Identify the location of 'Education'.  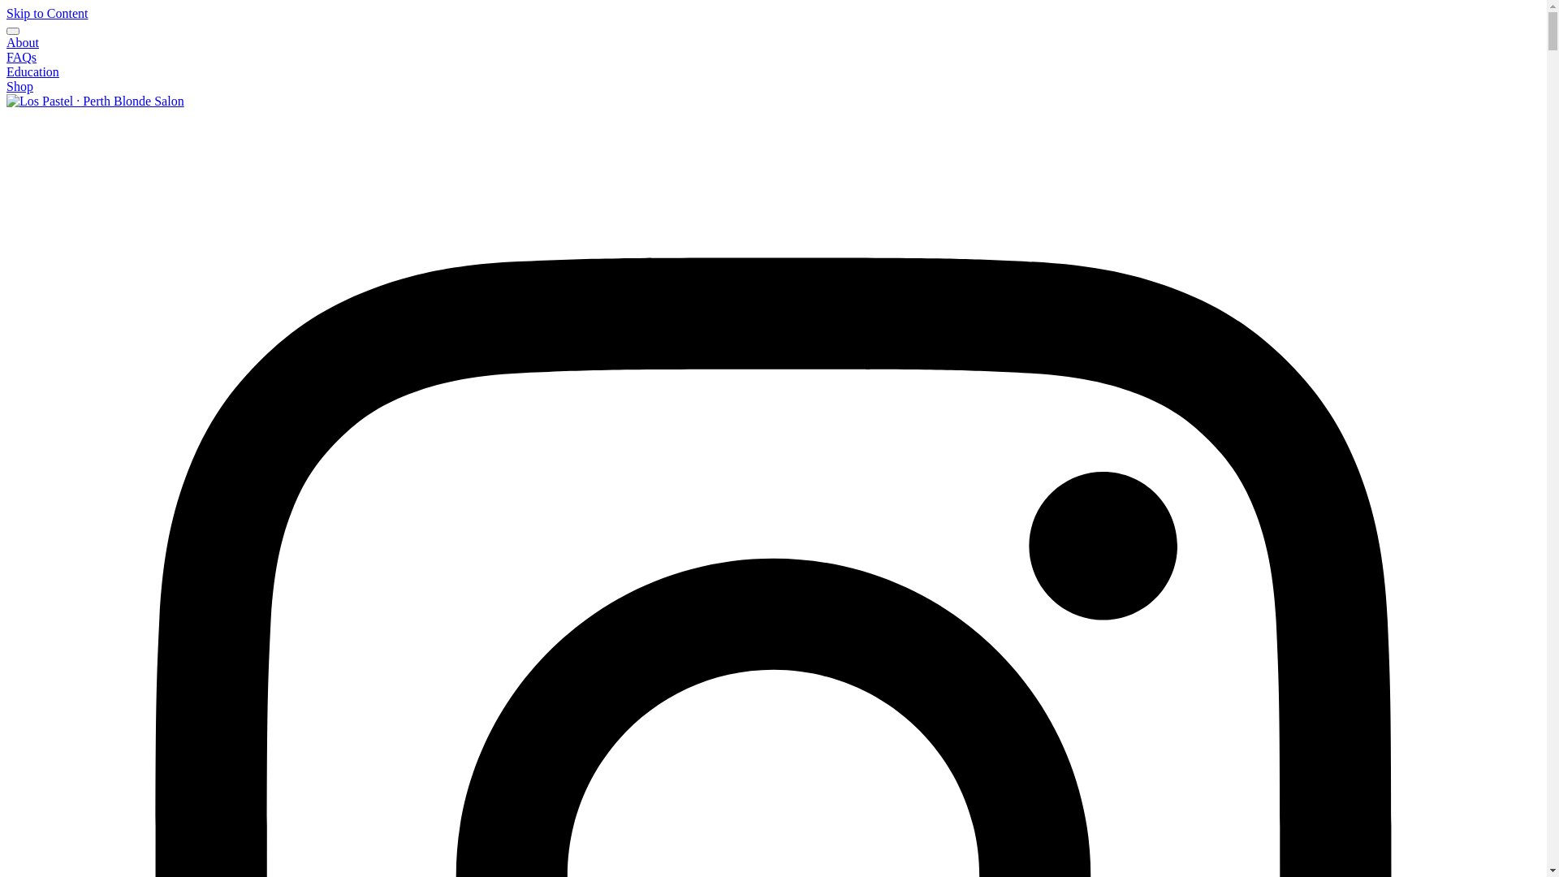
(32, 71).